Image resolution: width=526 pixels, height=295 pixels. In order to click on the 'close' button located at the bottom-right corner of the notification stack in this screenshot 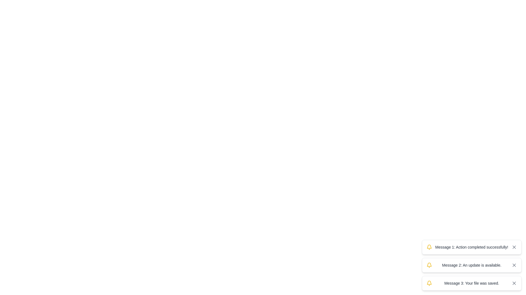, I will do `click(514, 283)`.